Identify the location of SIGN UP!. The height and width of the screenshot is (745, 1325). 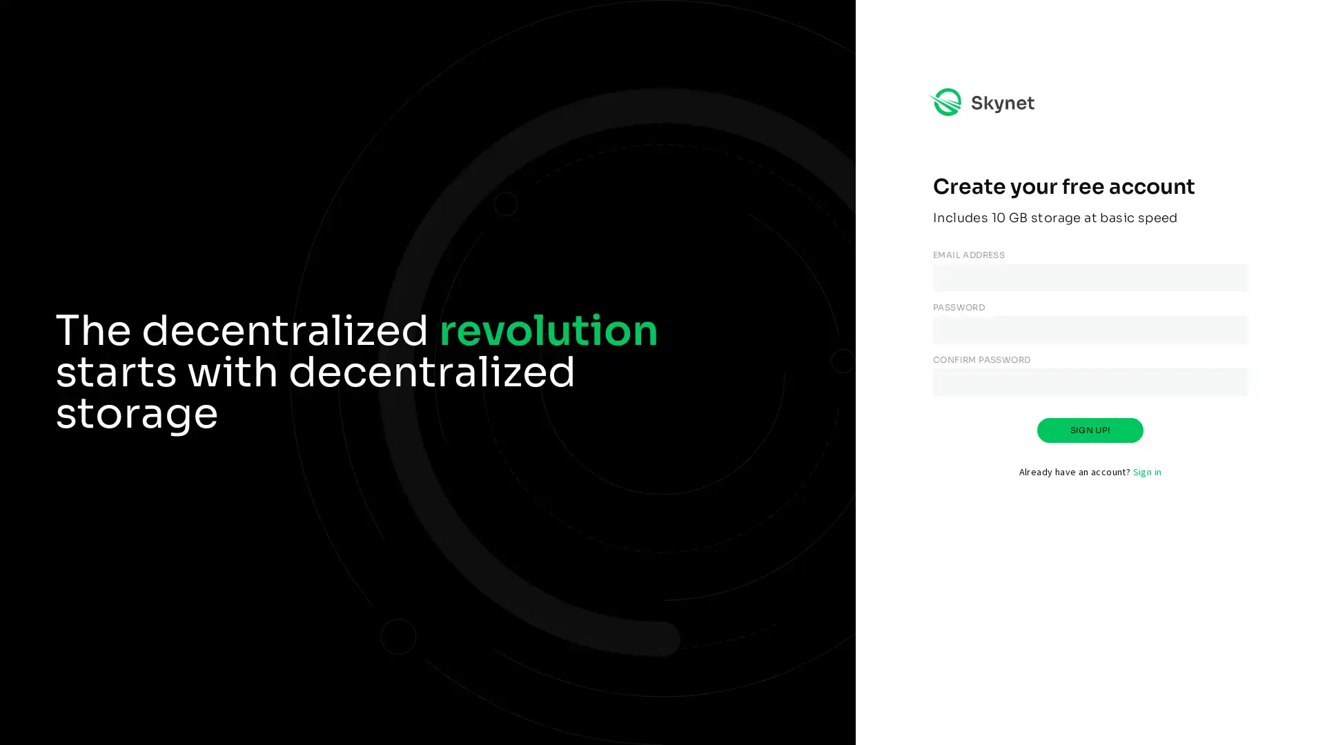
(1089, 430).